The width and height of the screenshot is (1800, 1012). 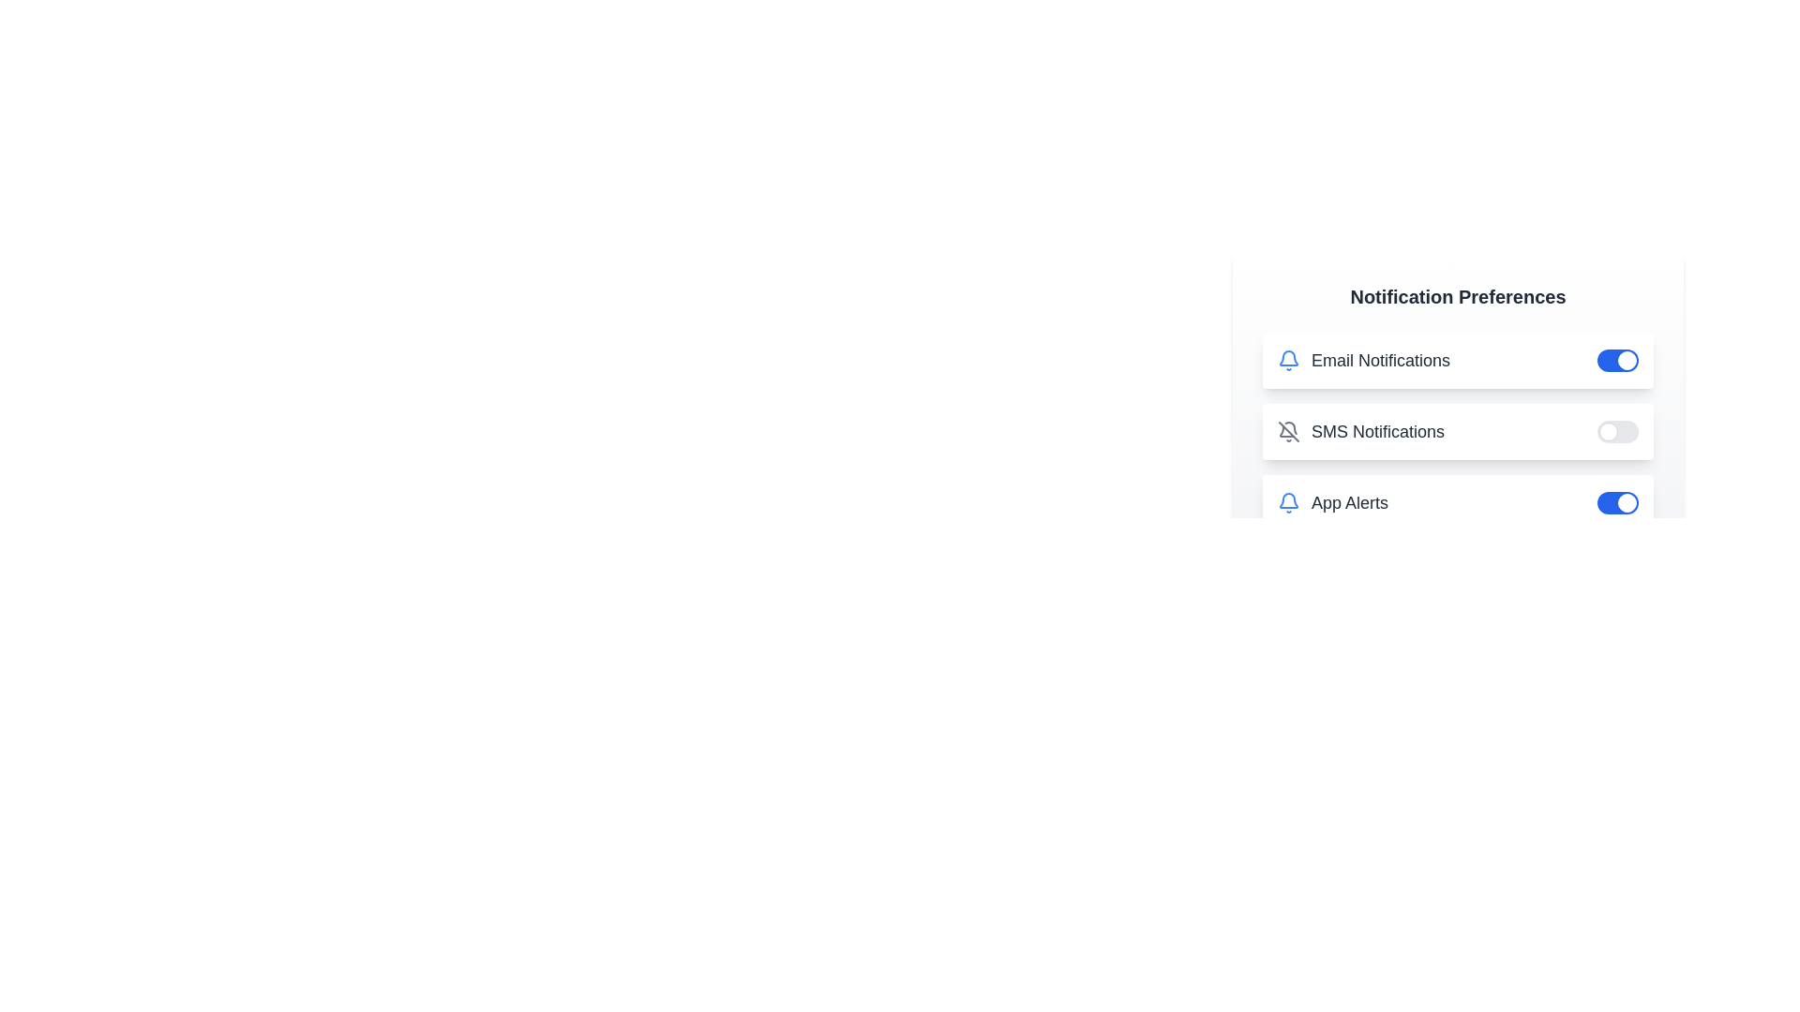 I want to click on the title 'Notification Preferences' to highlight it visually, so click(x=1457, y=295).